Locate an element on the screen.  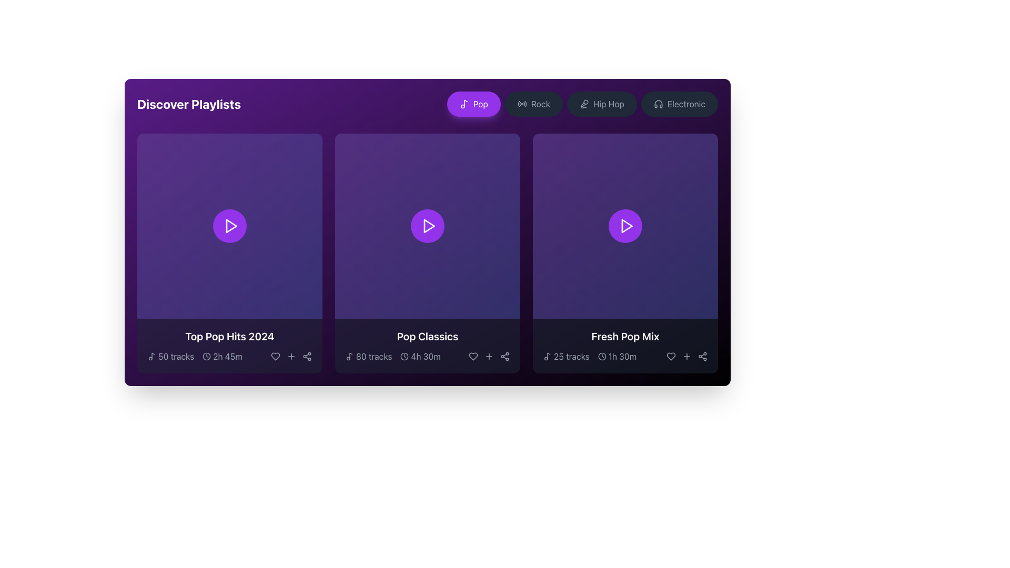
the share-like icon button, which is represented by three connected circular nodes in a triangular arrangement at the bottom-right corner of the 'Pop Classics' playlist card is located at coordinates (505, 356).